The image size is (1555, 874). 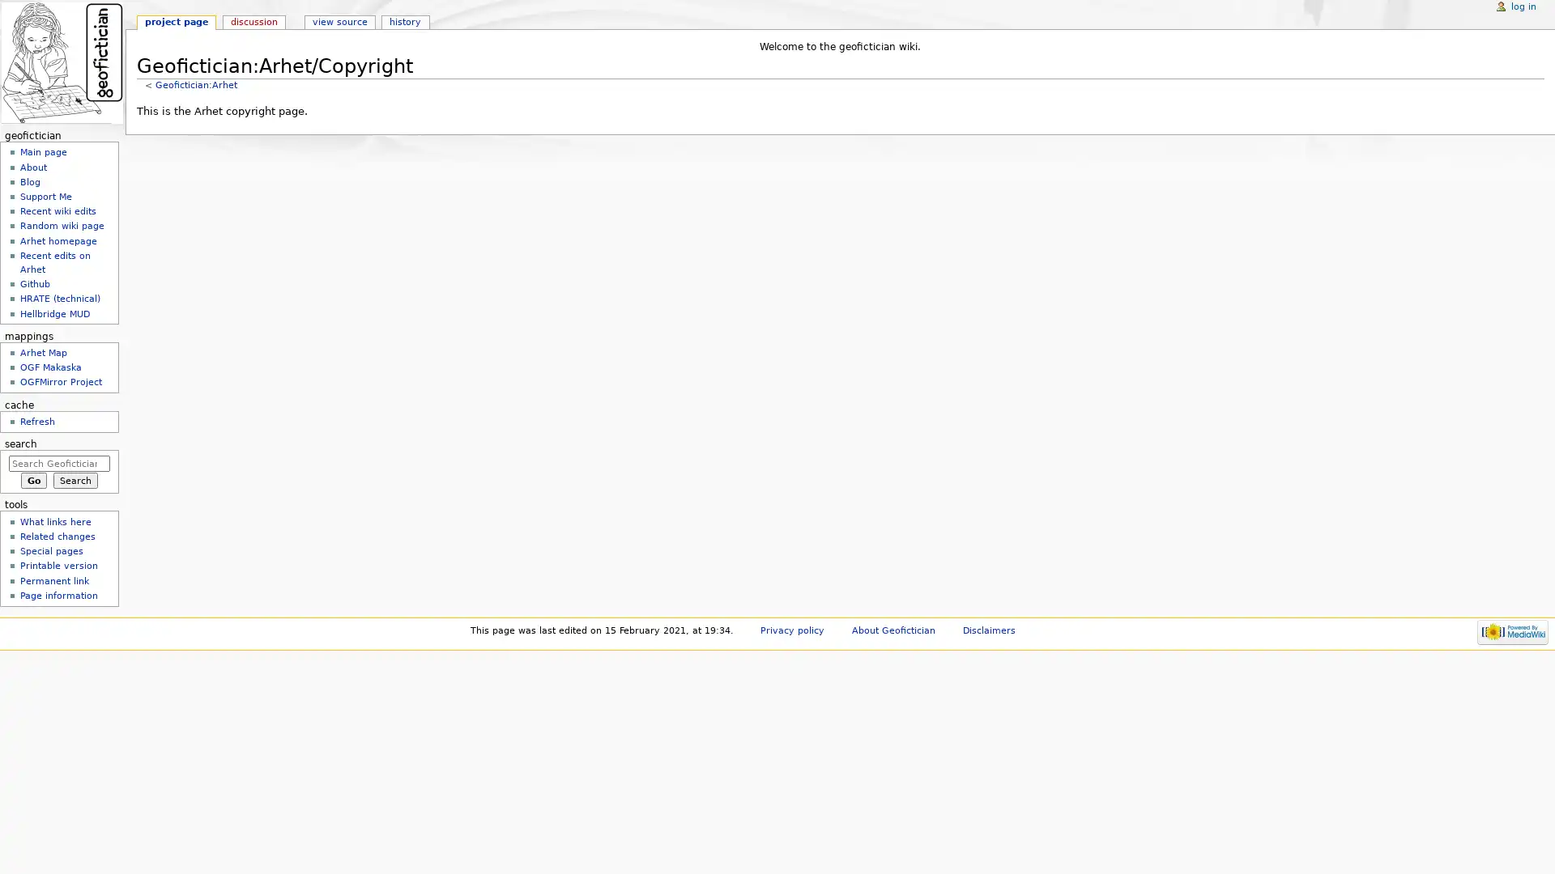 I want to click on Go, so click(x=33, y=480).